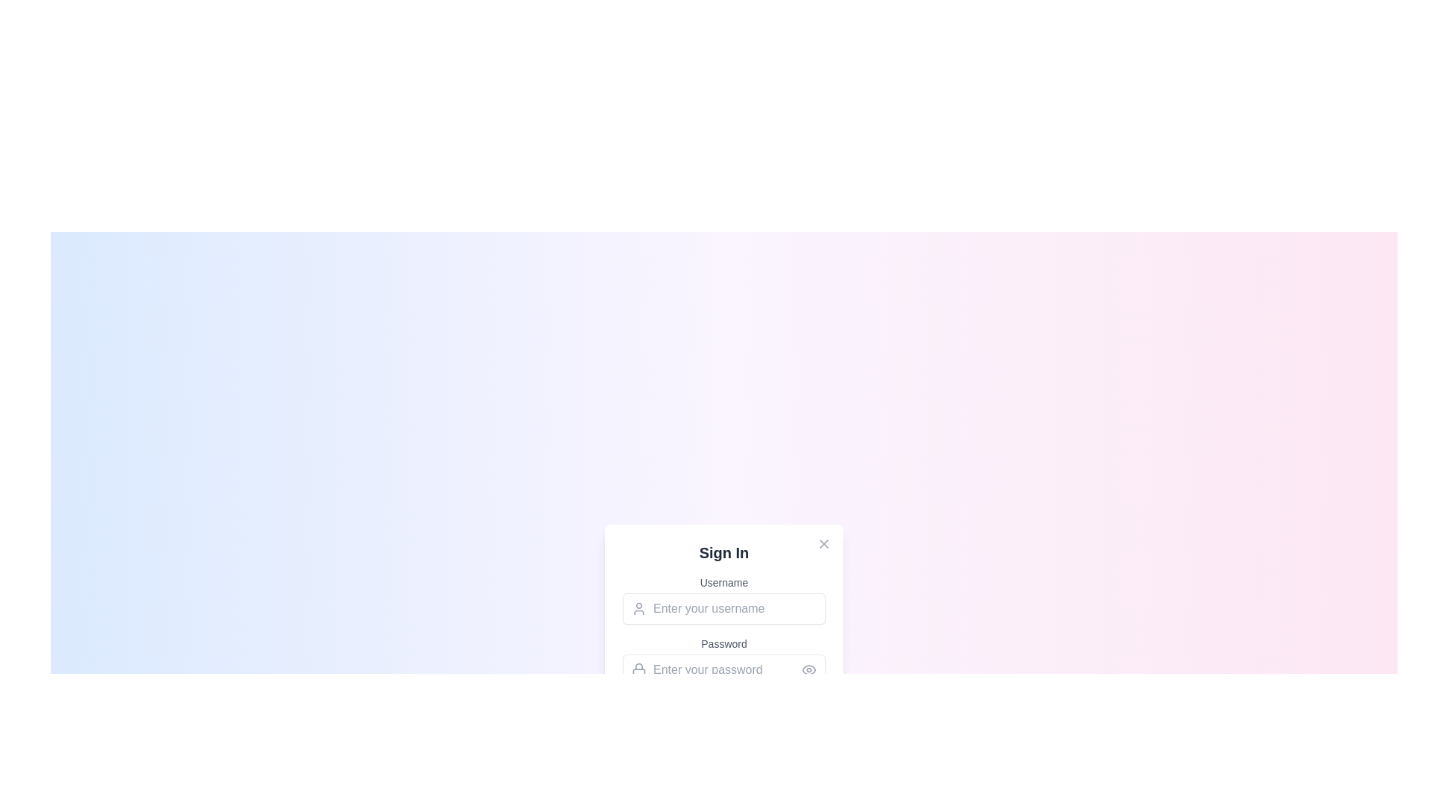 This screenshot has height=806, width=1432. I want to click on the Password Input Field in the sign-in form, which is labeled 'Password' and includes a lock icon and a toggle button for revealing the password, so click(723, 660).